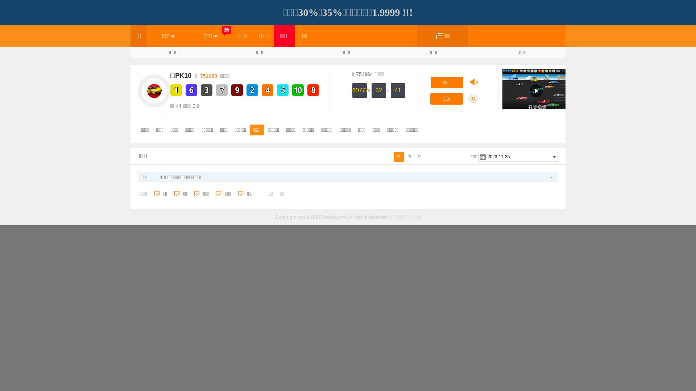  What do you see at coordinates (322, 217) in the screenshot?
I see `'www.16888xycai.com'` at bounding box center [322, 217].